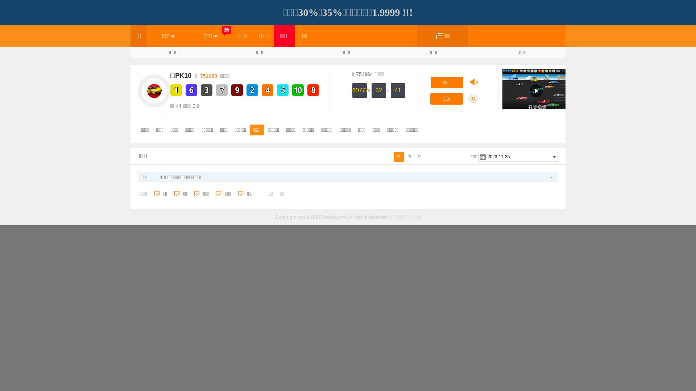  What do you see at coordinates (322, 217) in the screenshot?
I see `'www.16888xycai.com'` at bounding box center [322, 217].